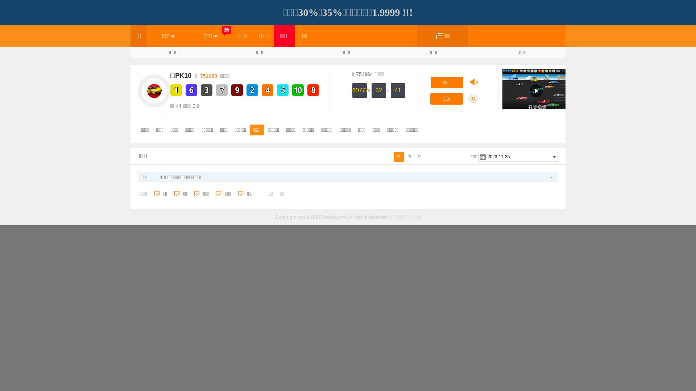  What do you see at coordinates (322, 217) in the screenshot?
I see `'www.16888xycai.com'` at bounding box center [322, 217].